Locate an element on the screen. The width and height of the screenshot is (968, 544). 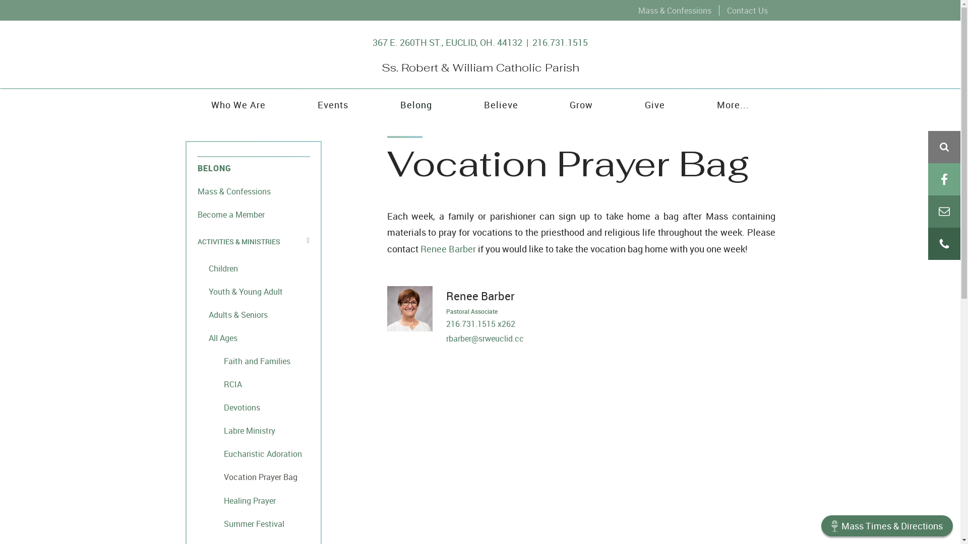
'Give' is located at coordinates (655, 104).